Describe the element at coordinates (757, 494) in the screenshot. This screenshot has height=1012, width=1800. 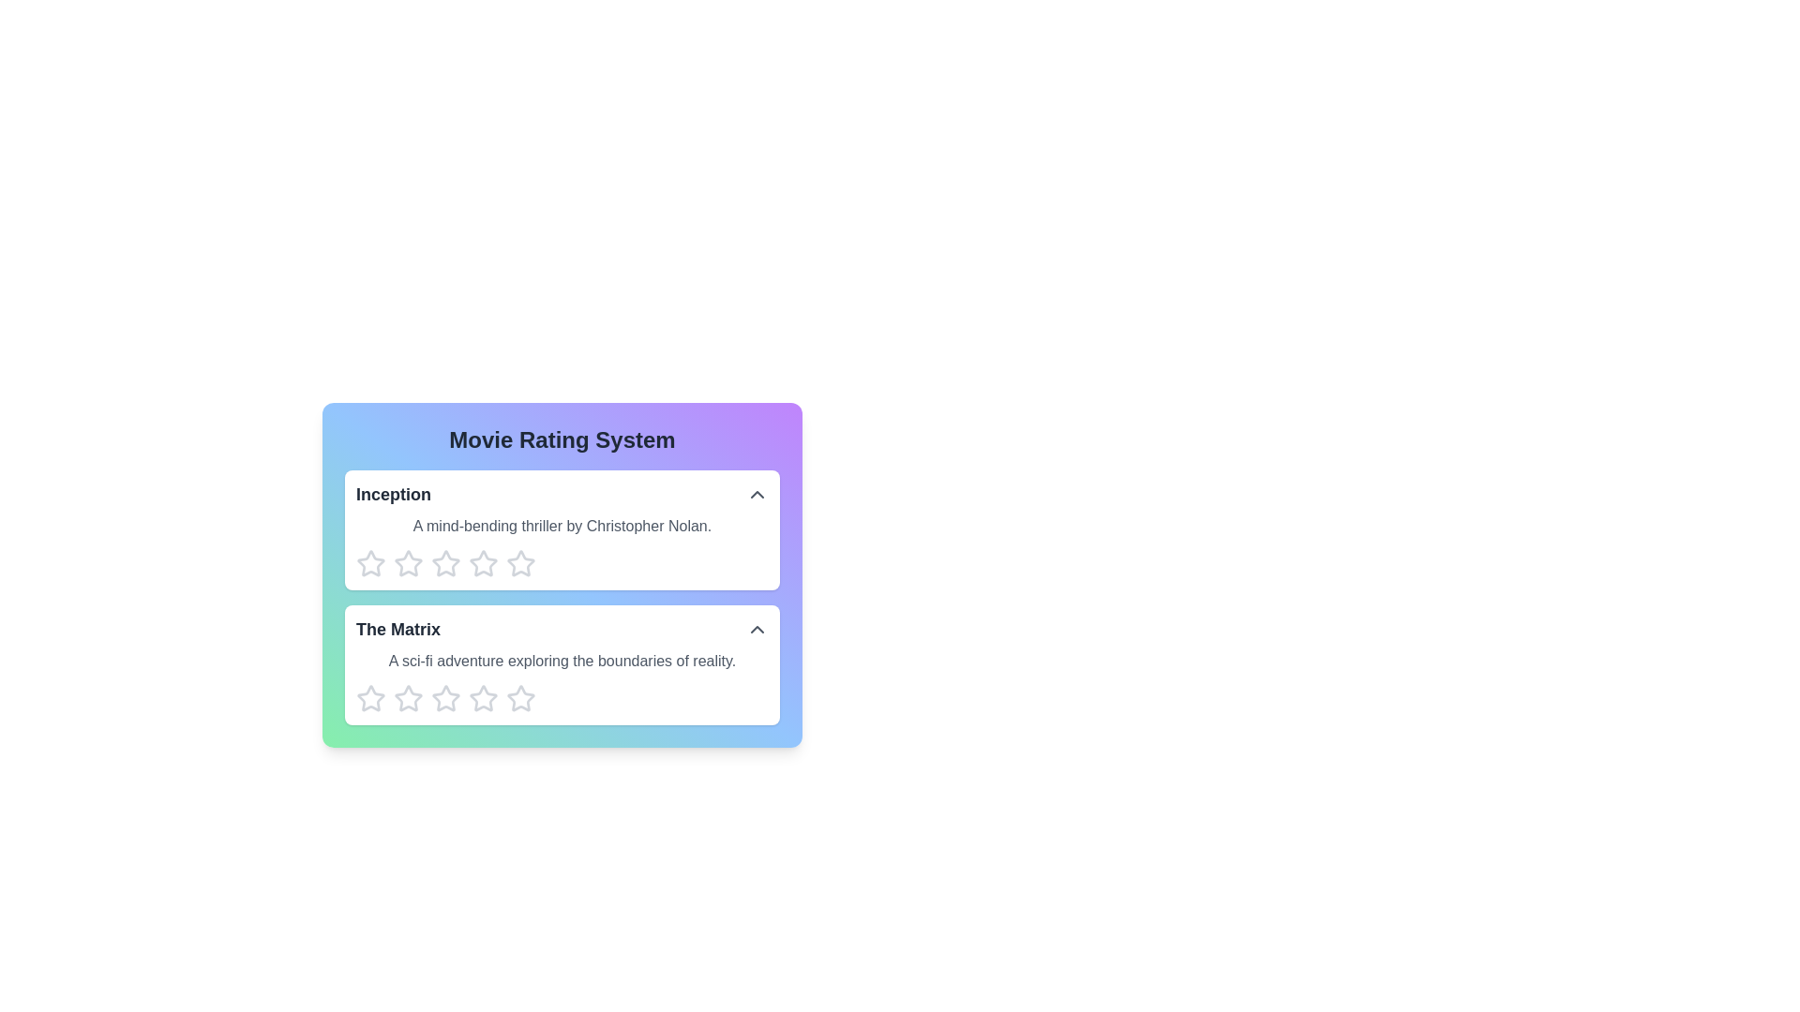
I see `the toggle button icon located at the far right of the 'Inception' card` at that location.